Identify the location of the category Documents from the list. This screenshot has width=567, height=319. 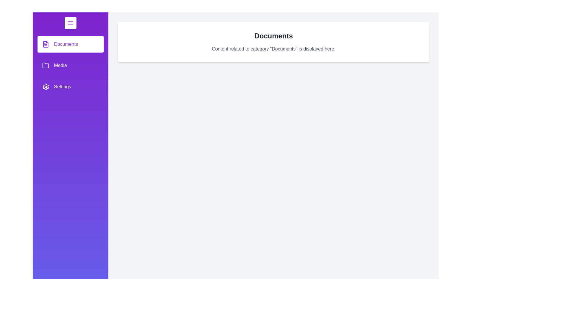
(71, 44).